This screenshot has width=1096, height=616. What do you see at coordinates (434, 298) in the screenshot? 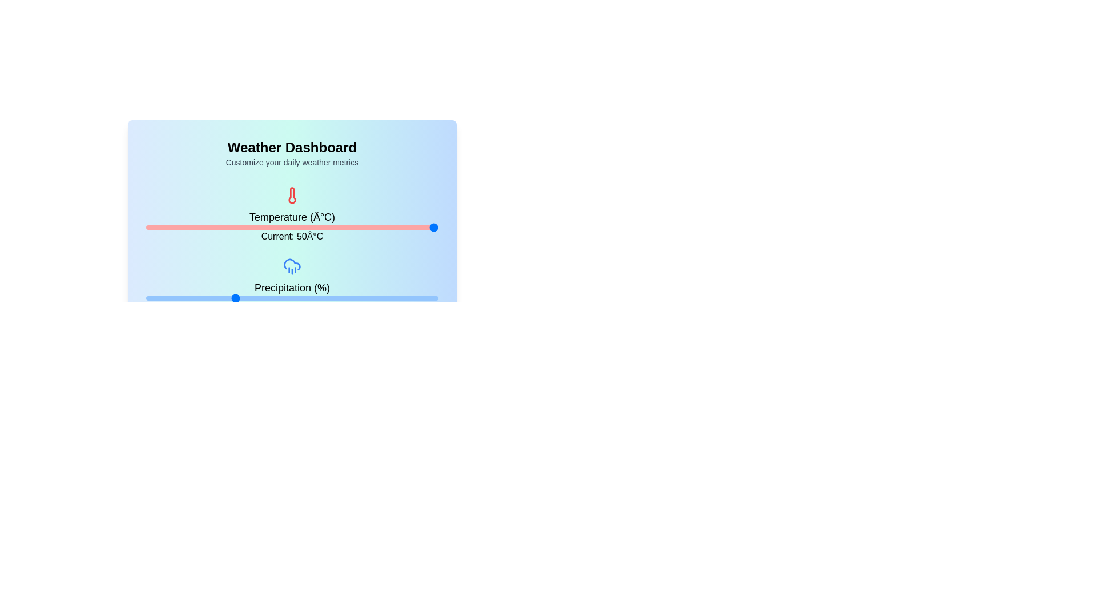
I see `precipitation` at bounding box center [434, 298].